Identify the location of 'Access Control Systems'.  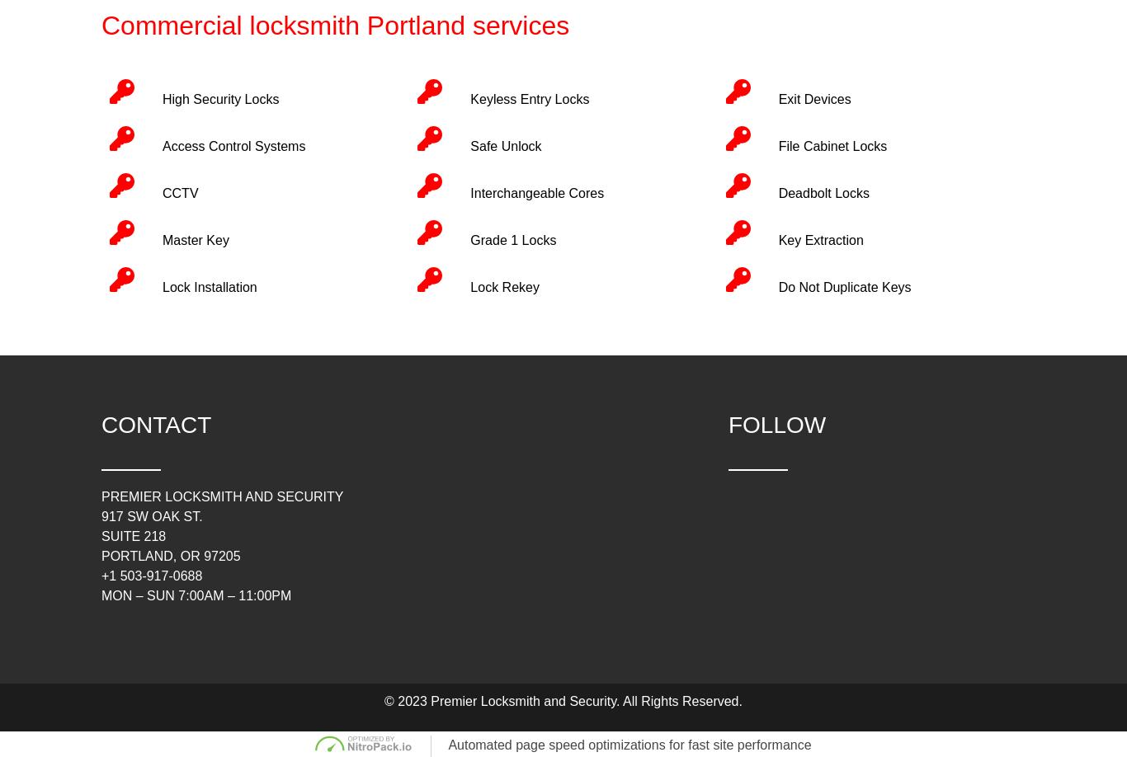
(233, 145).